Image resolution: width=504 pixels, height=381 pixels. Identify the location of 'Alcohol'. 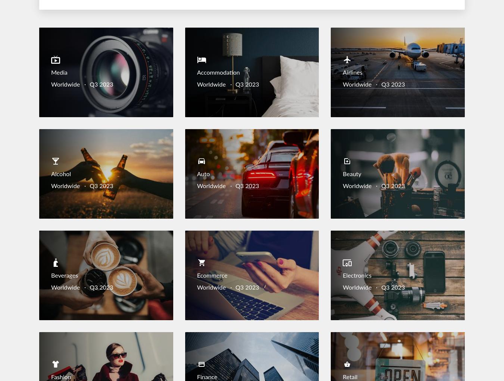
(60, 174).